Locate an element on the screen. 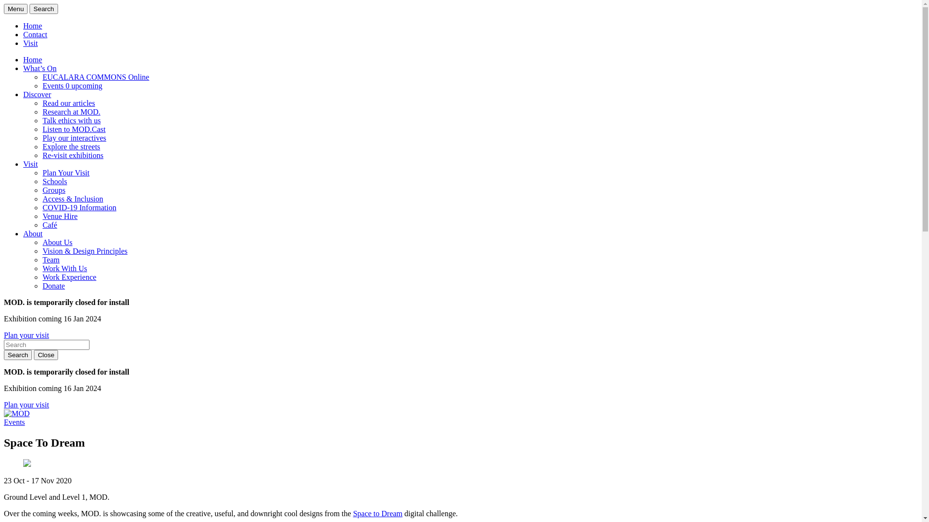 Image resolution: width=929 pixels, height=522 pixels. 'Contact' is located at coordinates (23, 34).